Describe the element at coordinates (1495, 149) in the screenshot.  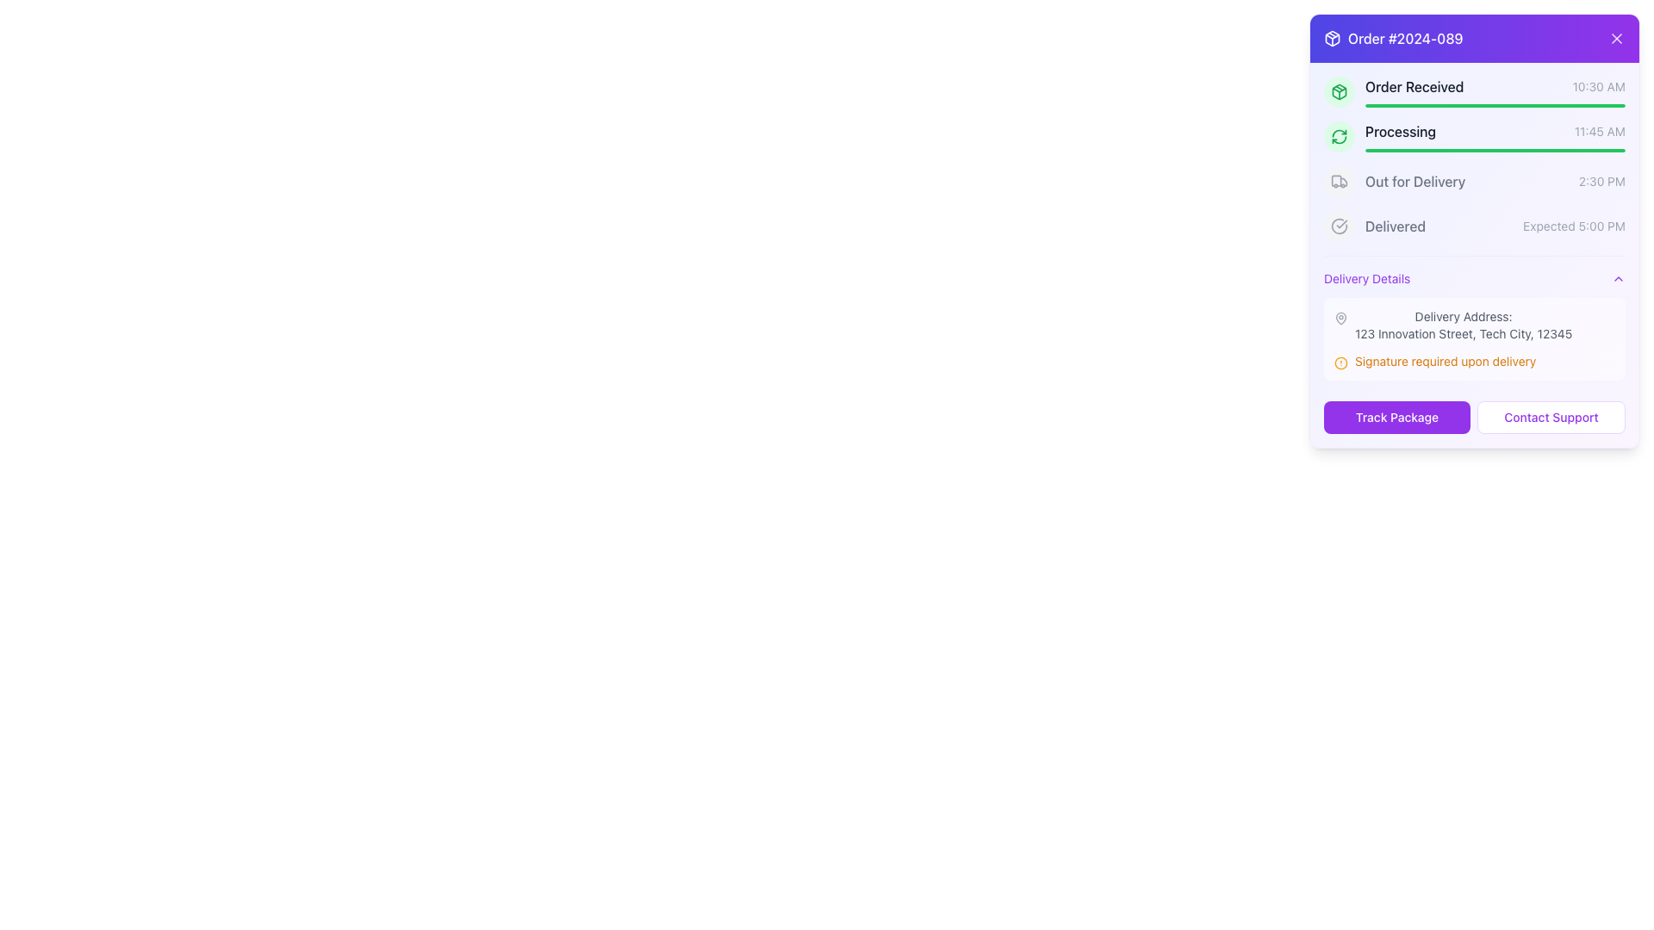
I see `the thin green progress indicator bar located underneath the 'Processing' section of the 'Order #2024-089' status display panel` at that location.